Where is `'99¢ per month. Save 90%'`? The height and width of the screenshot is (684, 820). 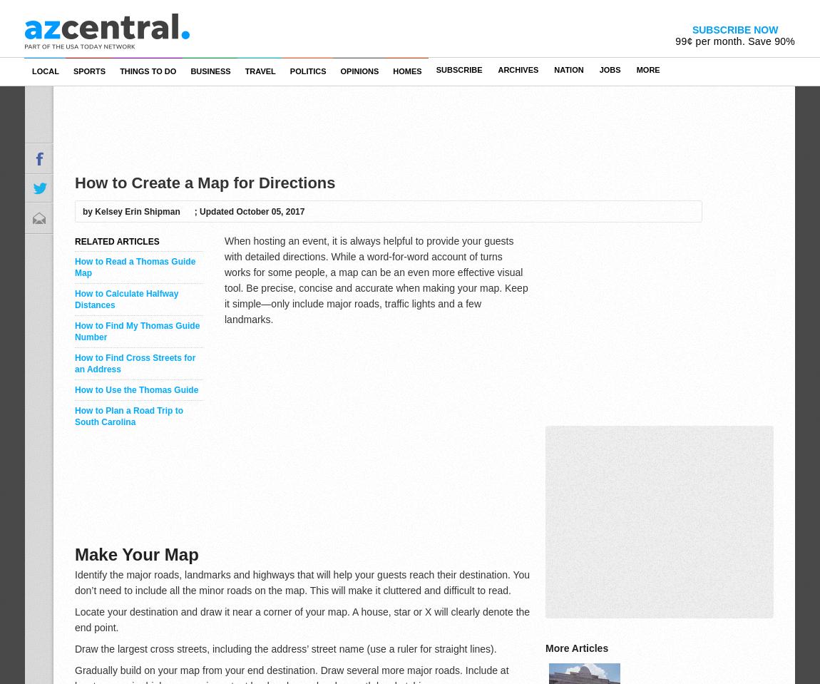
'99¢ per month. Save 90%' is located at coordinates (675, 41).